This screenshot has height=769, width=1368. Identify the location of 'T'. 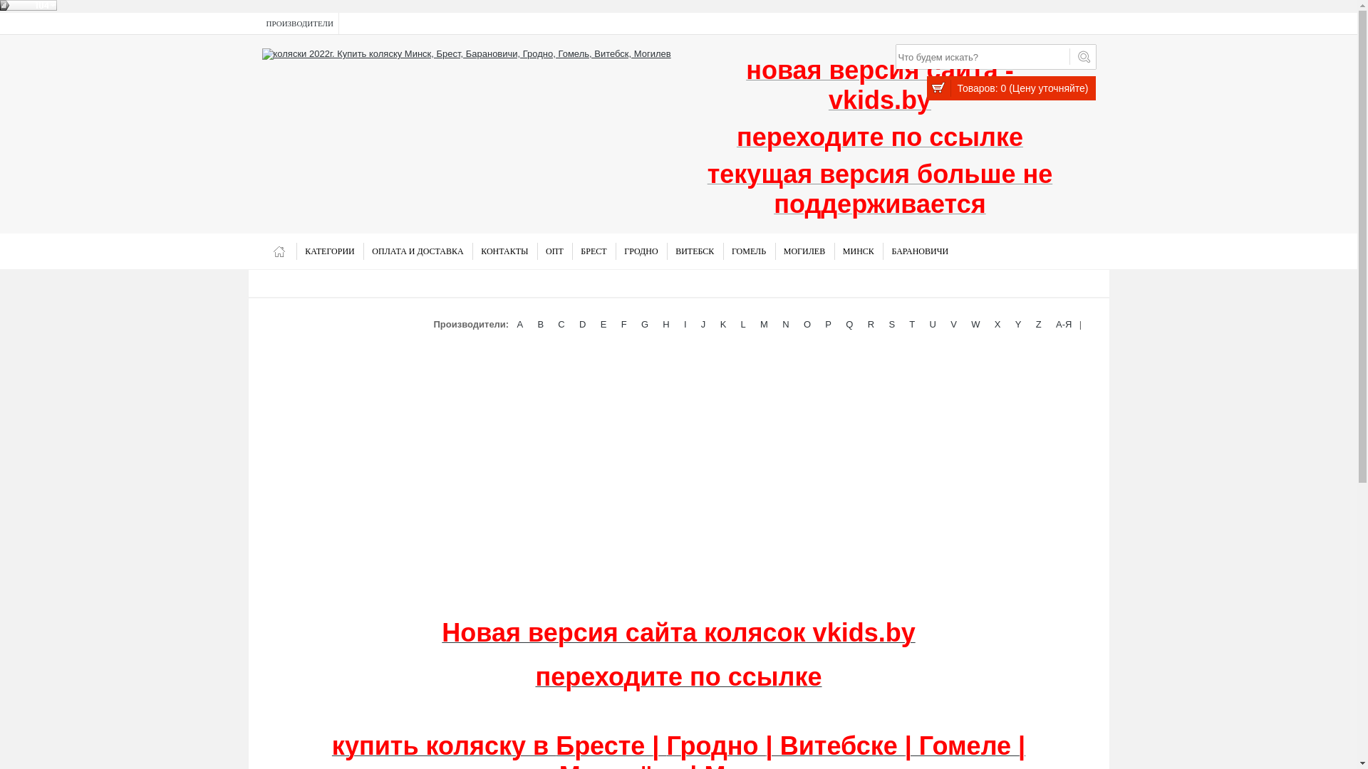
(905, 324).